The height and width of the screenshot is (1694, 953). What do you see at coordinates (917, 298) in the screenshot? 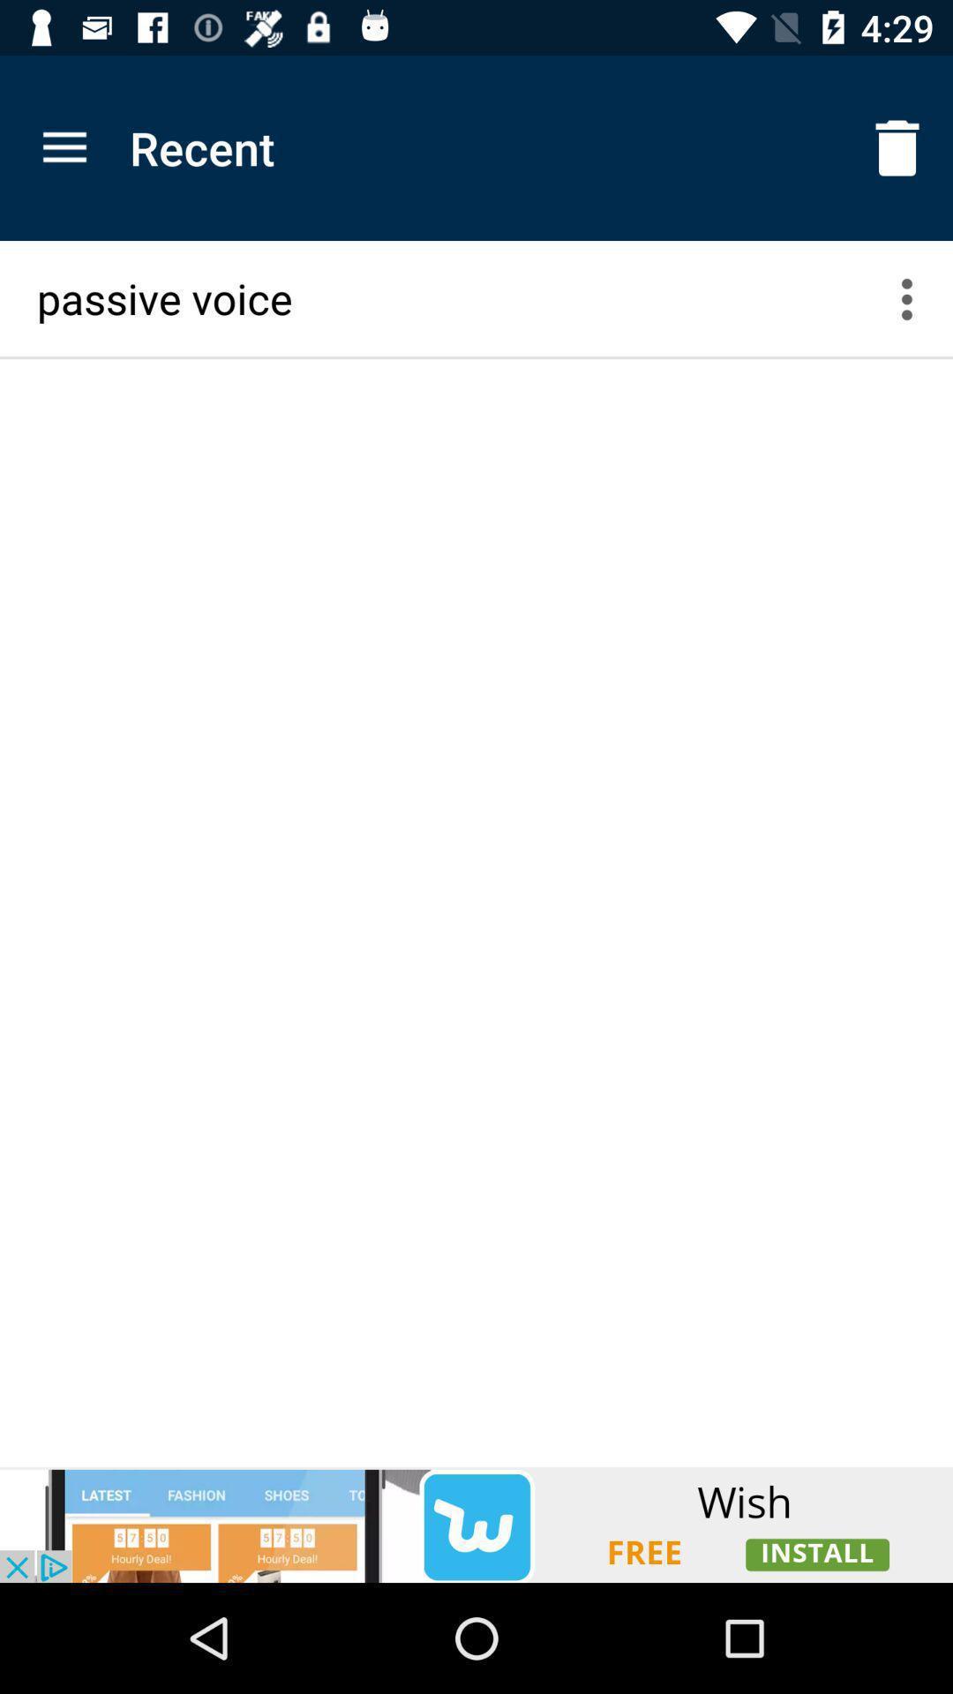
I see `menu` at bounding box center [917, 298].